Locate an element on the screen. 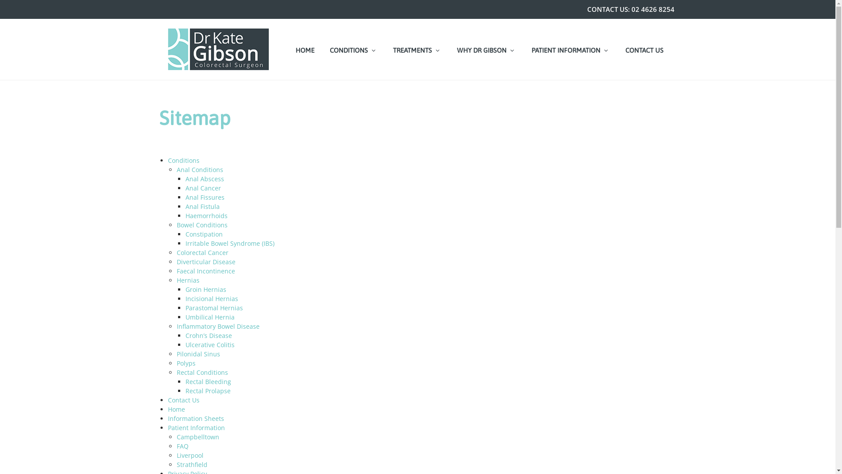  'Campbelltown' is located at coordinates (197, 437).